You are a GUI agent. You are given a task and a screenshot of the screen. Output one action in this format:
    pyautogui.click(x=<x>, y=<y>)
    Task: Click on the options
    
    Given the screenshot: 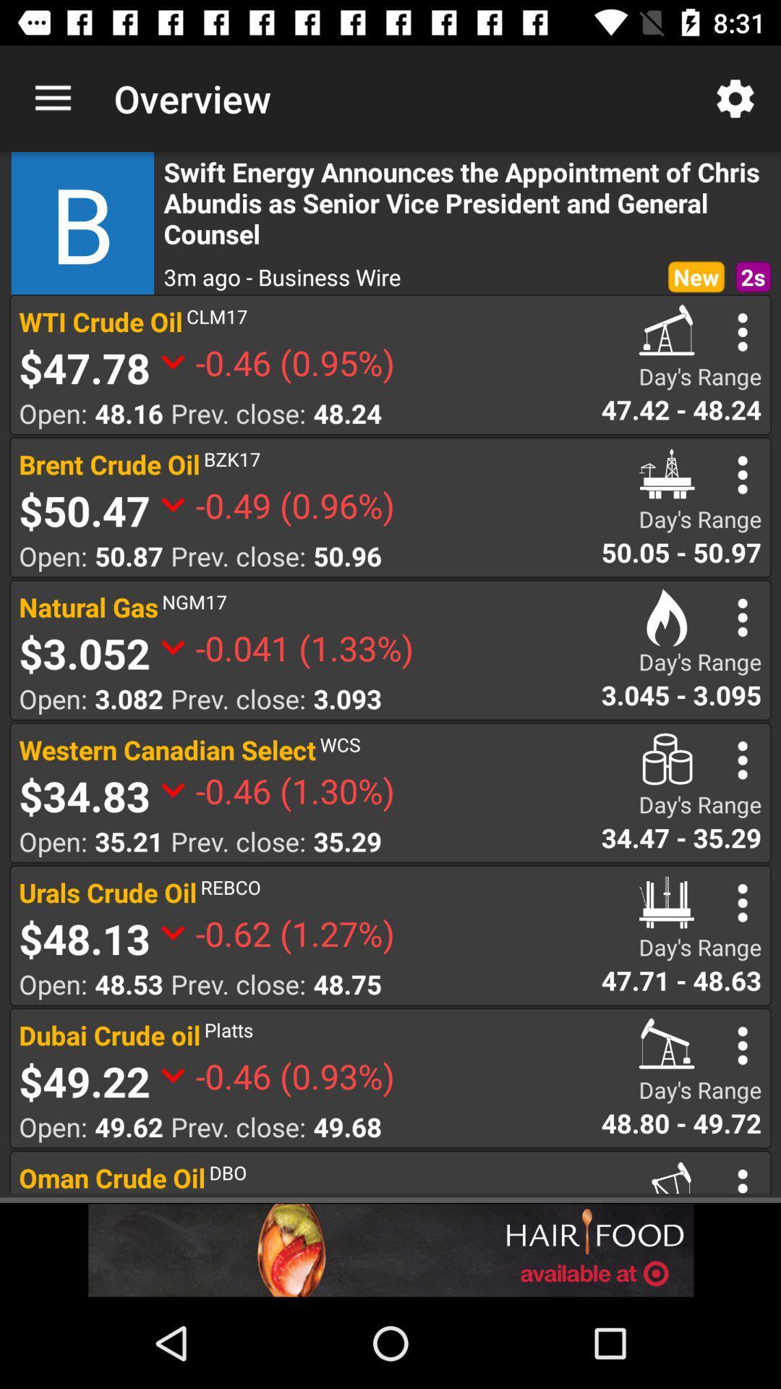 What is the action you would take?
    pyautogui.click(x=743, y=902)
    